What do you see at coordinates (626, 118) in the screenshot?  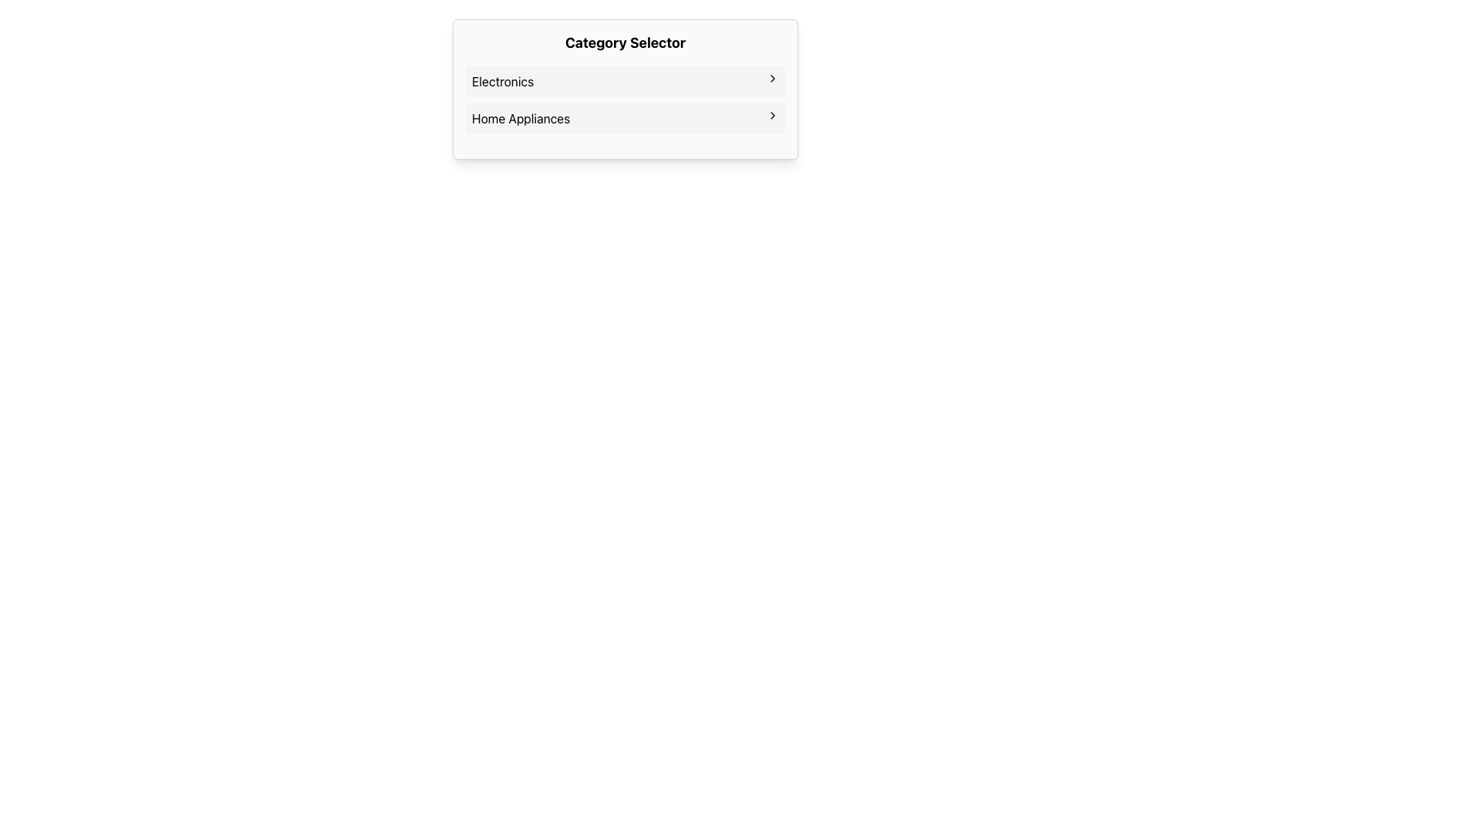 I see `the 'Home Appliances' button located below 'Electronics' in the navigation list` at bounding box center [626, 118].